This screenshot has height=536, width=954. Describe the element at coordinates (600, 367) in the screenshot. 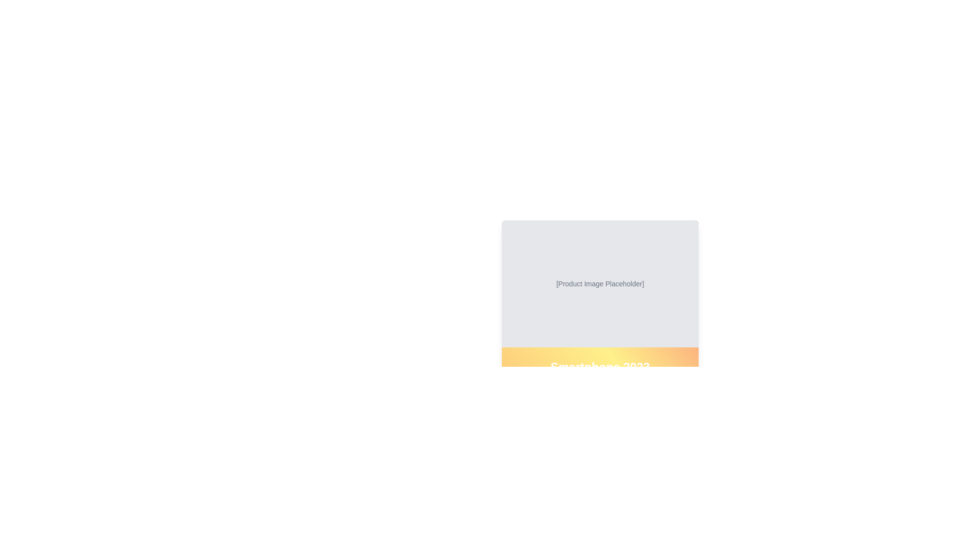

I see `text content of the primary identifier label for the product displayed, which is positioned below the product image placeholder` at that location.